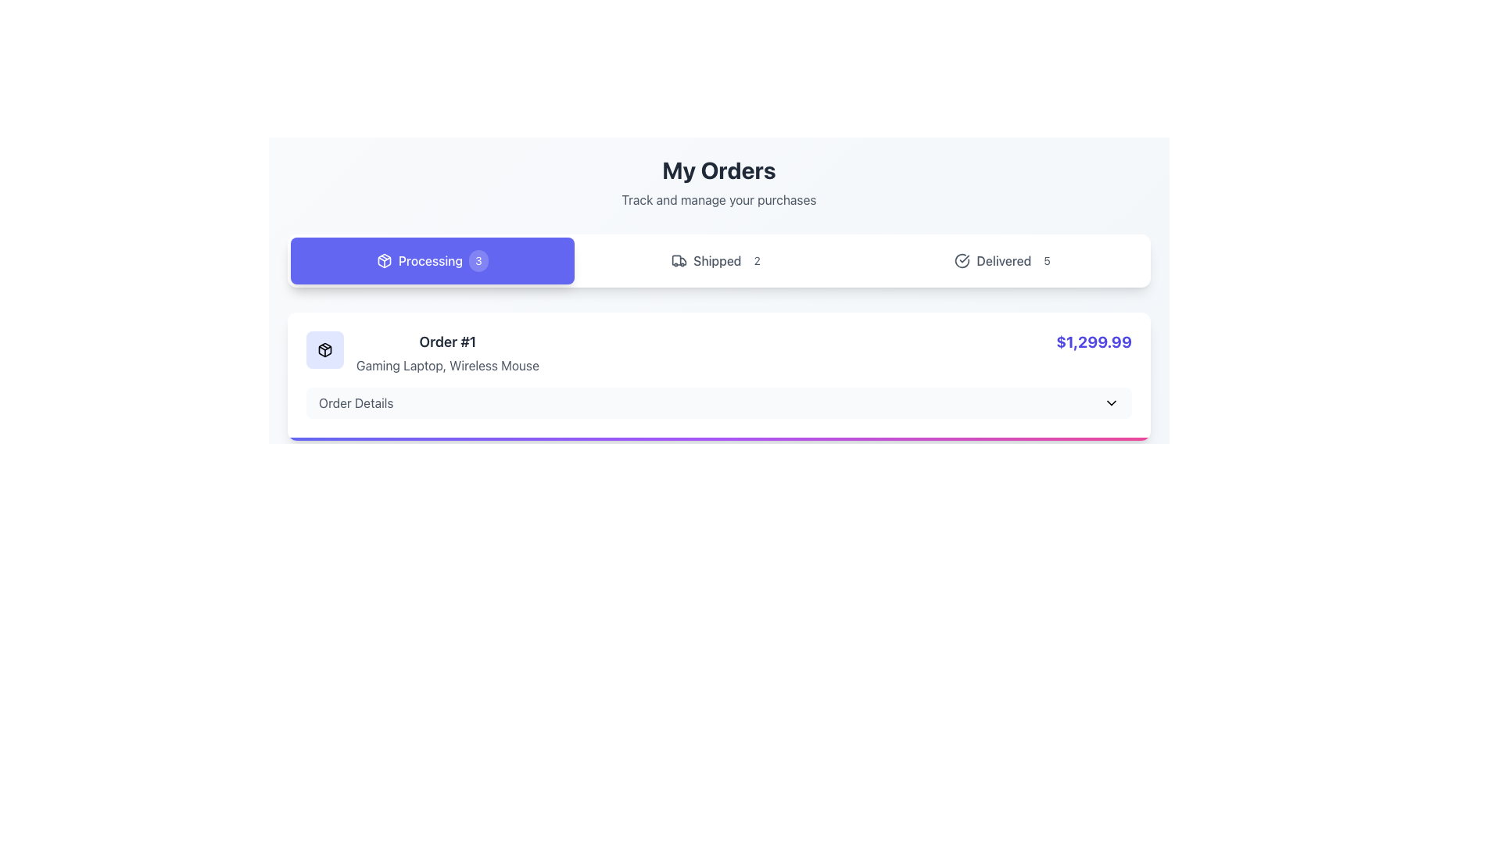 This screenshot has height=844, width=1501. What do you see at coordinates (718, 260) in the screenshot?
I see `the 'Shipped' section of the Status navigation panel` at bounding box center [718, 260].